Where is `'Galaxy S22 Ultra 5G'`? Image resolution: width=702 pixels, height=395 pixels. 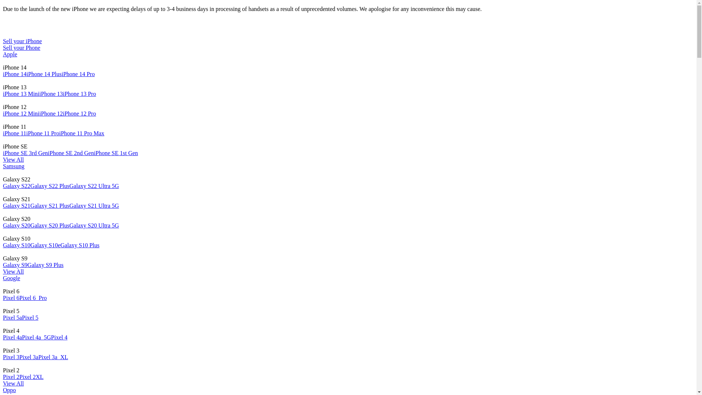 'Galaxy S22 Ultra 5G' is located at coordinates (94, 185).